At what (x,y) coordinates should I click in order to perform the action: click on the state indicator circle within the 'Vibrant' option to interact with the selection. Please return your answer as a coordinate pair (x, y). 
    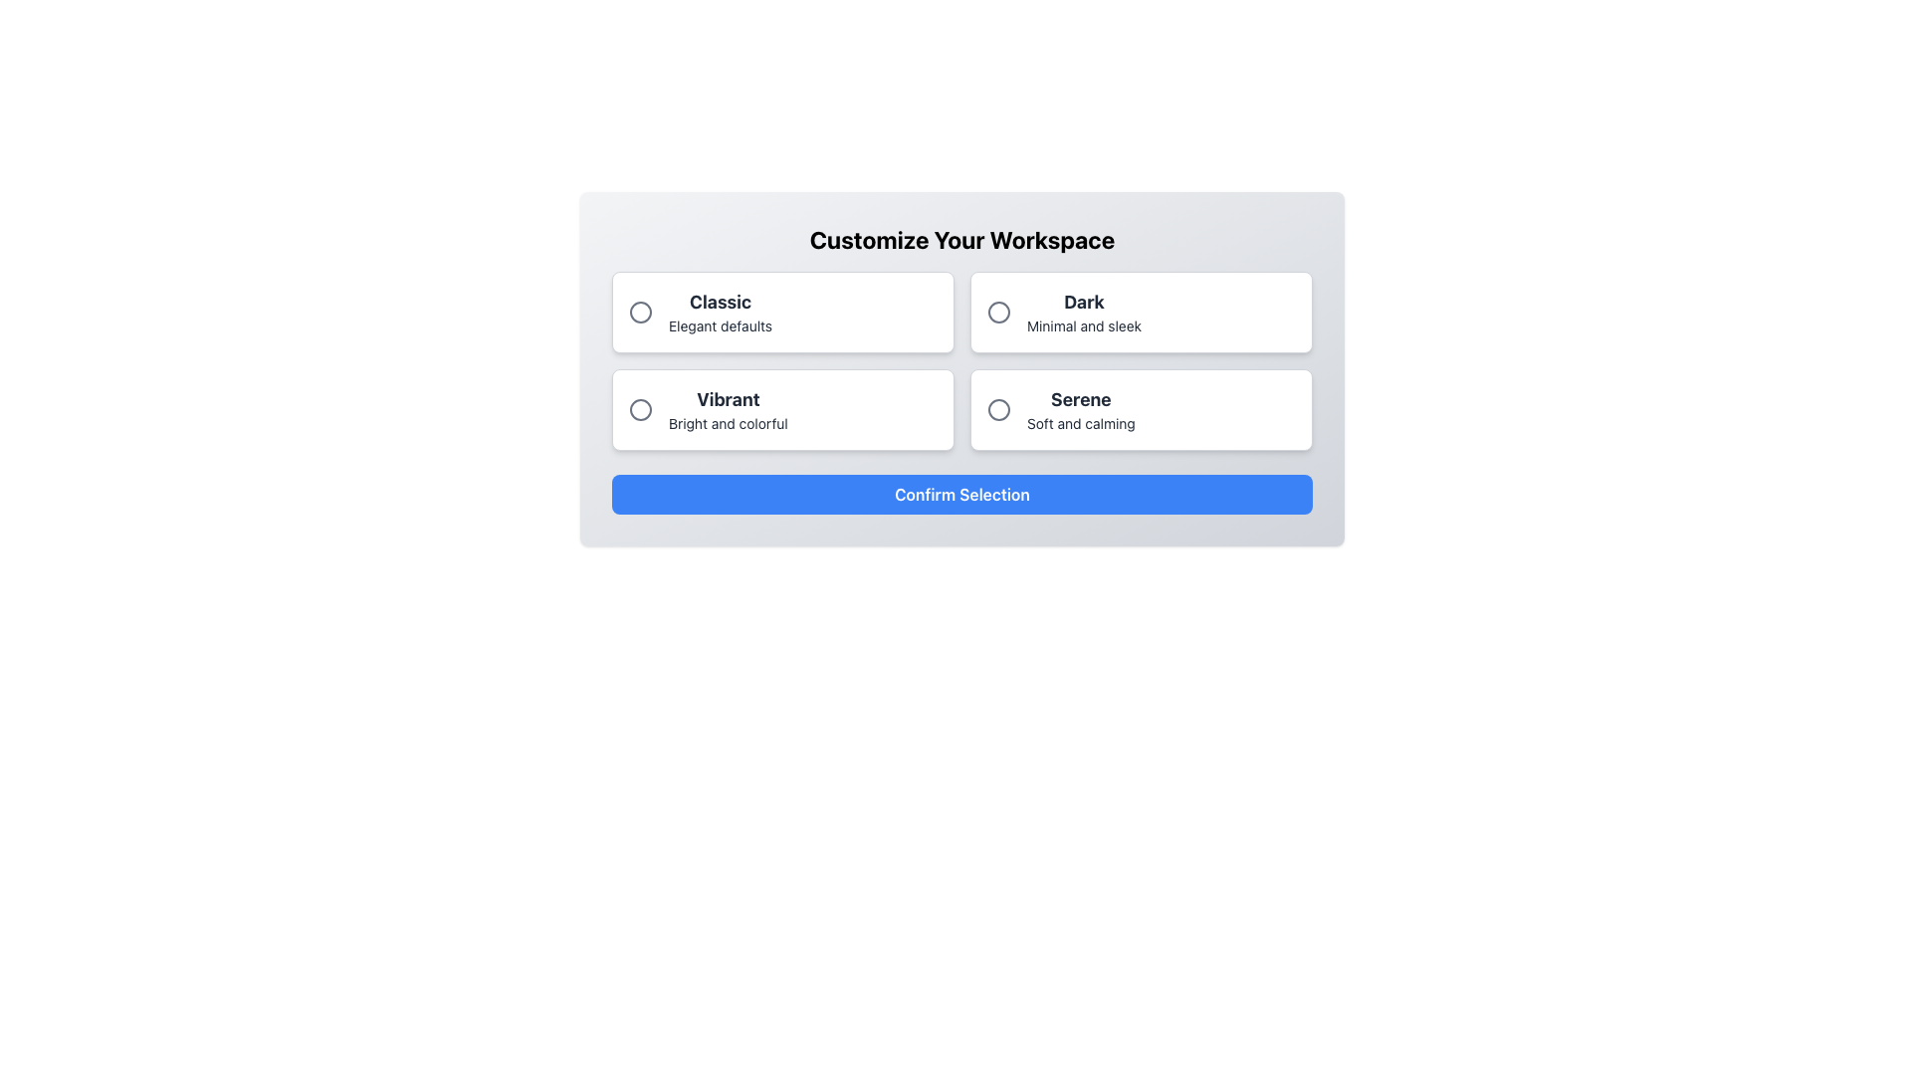
    Looking at the image, I should click on (640, 409).